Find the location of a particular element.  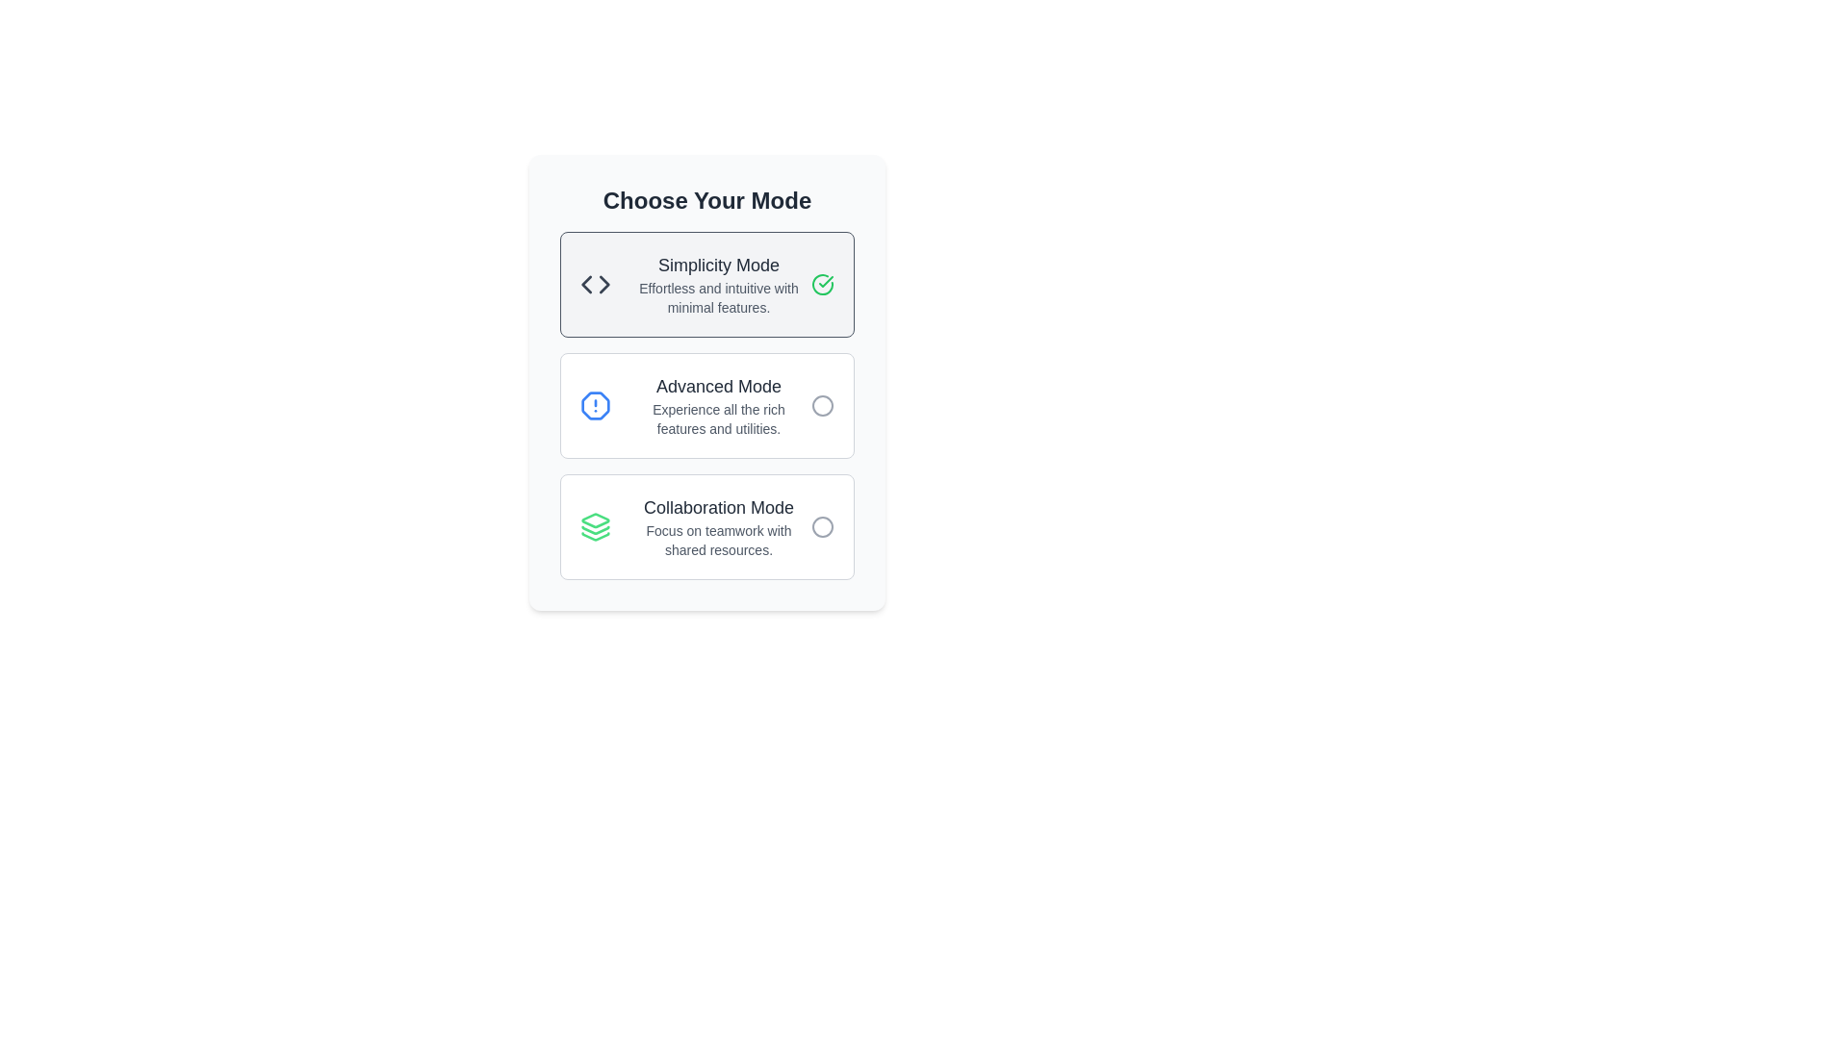

the warning or alert icon in the 'Advanced Mode' section of the vertically arranged list of options is located at coordinates (595, 404).